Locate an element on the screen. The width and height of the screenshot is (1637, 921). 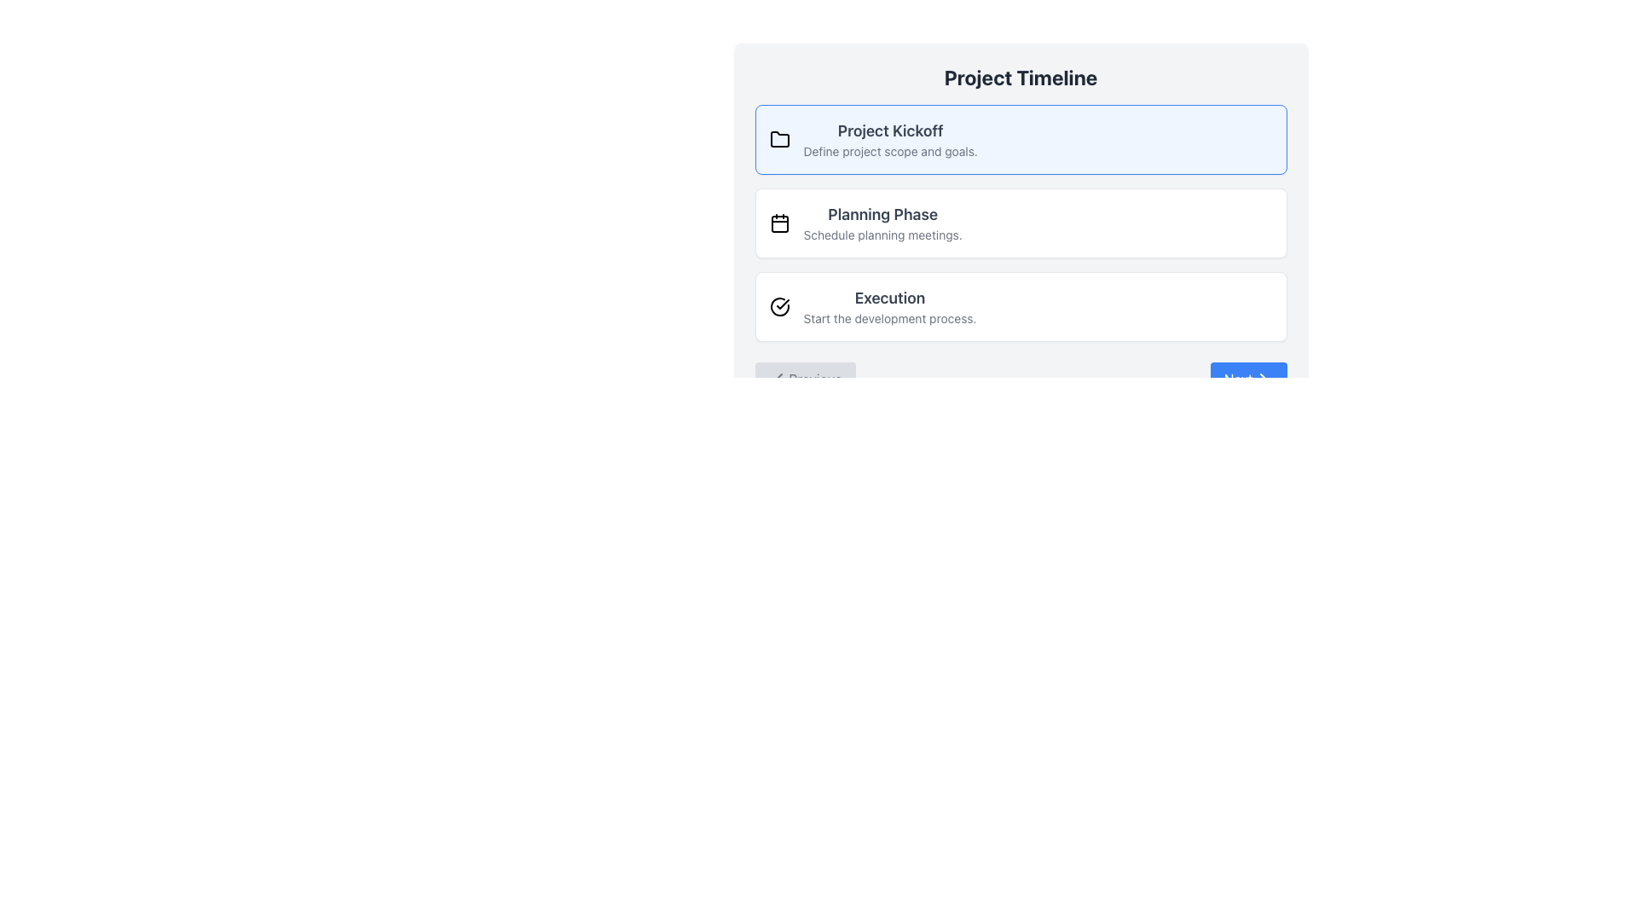
textual UI component labeled 'Planning Phase' which is styled in a bold gray font and provides a description 'Schedule planning meetings.' is located at coordinates (882, 223).